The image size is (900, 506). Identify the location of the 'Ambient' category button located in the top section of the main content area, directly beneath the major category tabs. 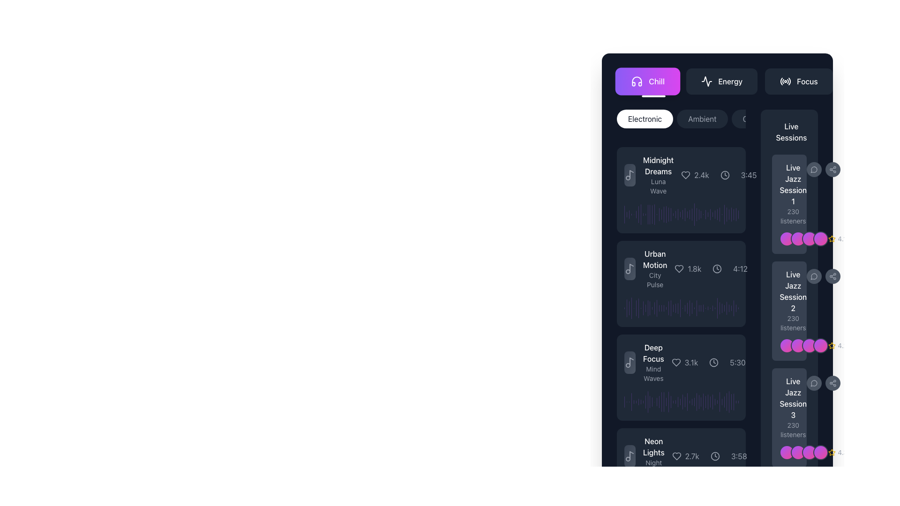
(681, 122).